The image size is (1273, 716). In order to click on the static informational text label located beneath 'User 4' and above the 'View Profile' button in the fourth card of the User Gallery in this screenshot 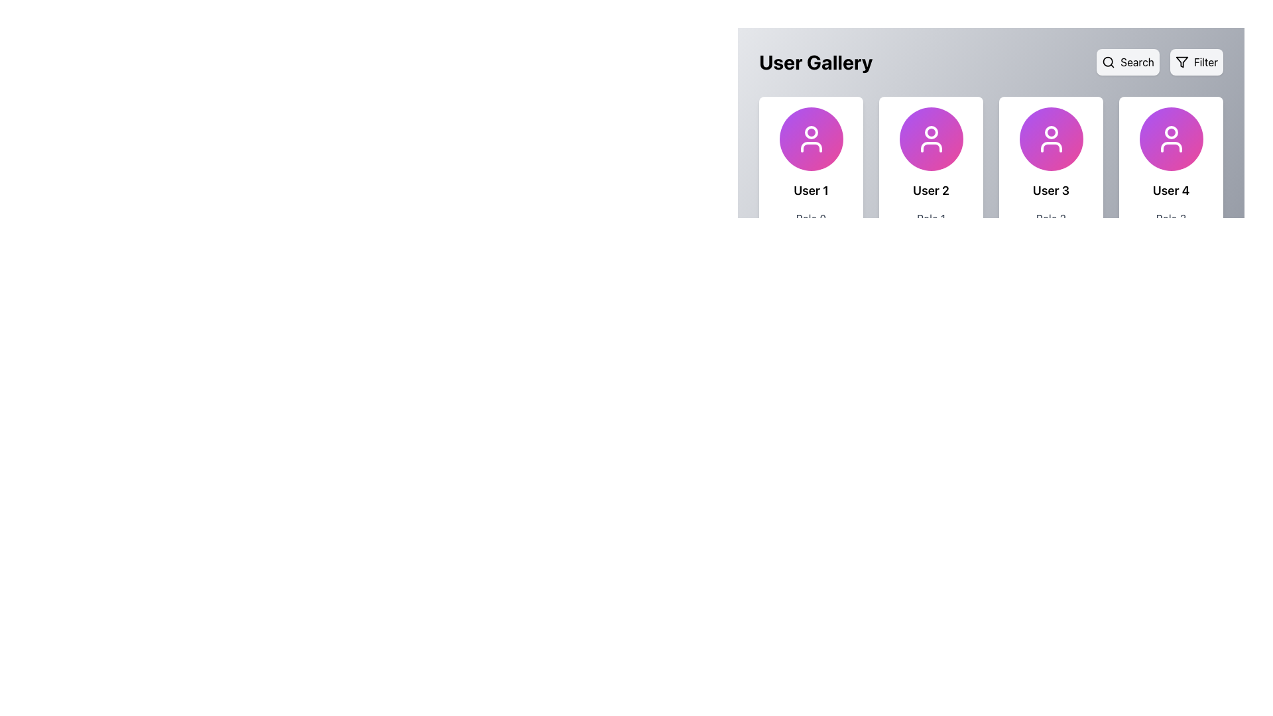, I will do `click(1171, 218)`.